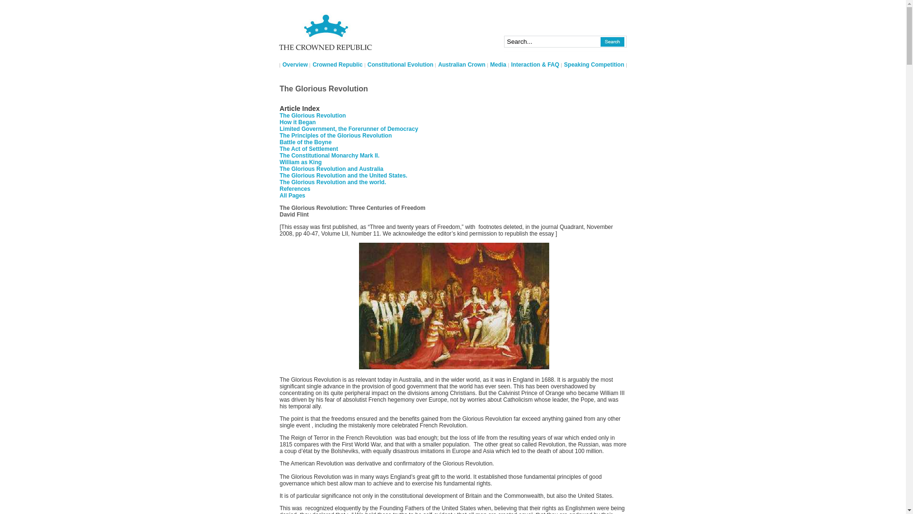 This screenshot has width=913, height=514. What do you see at coordinates (333, 182) in the screenshot?
I see `'The Glorious Revolution and the world.'` at bounding box center [333, 182].